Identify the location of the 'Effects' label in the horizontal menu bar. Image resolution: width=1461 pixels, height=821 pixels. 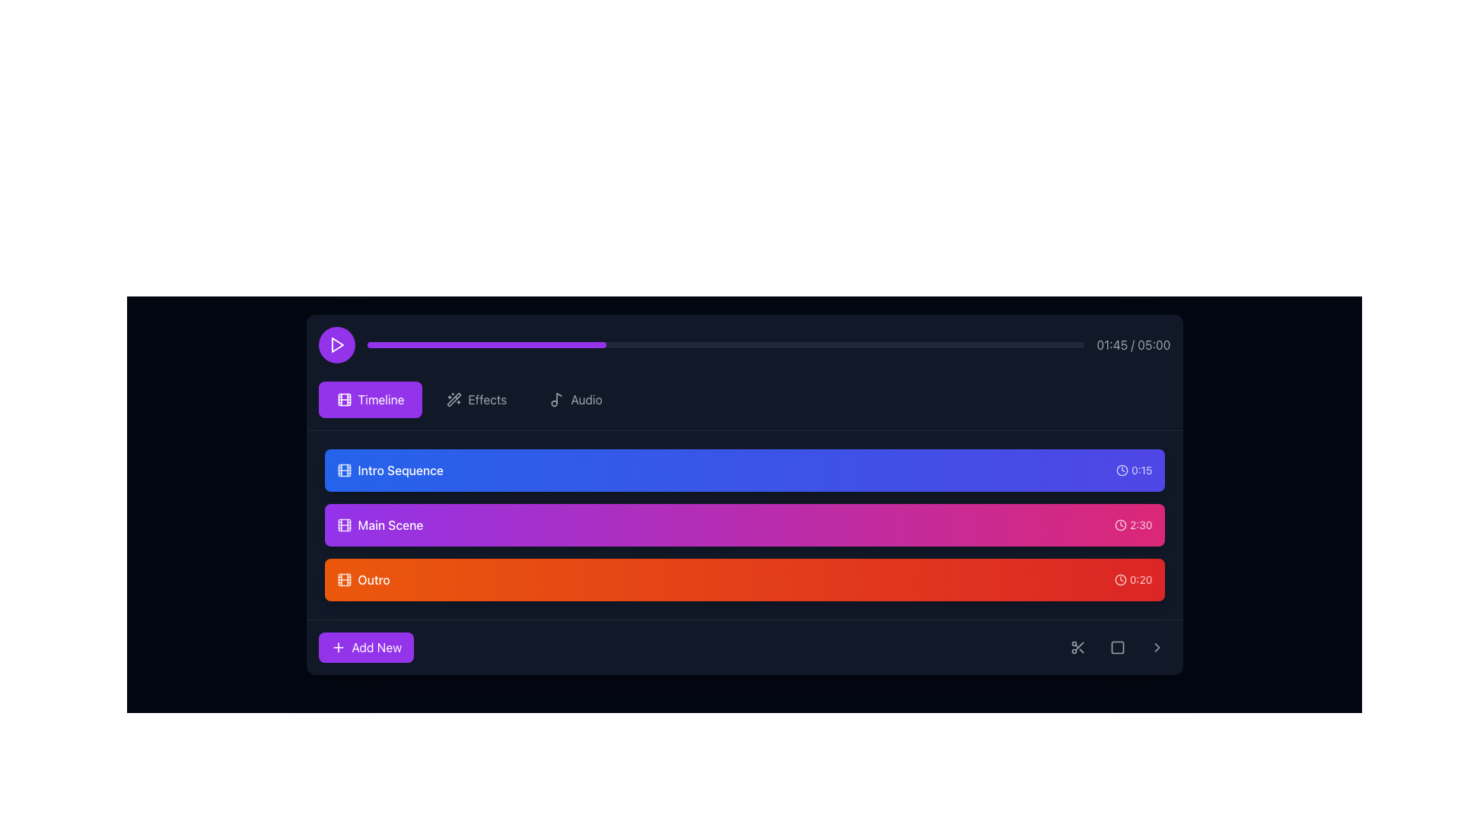
(487, 398).